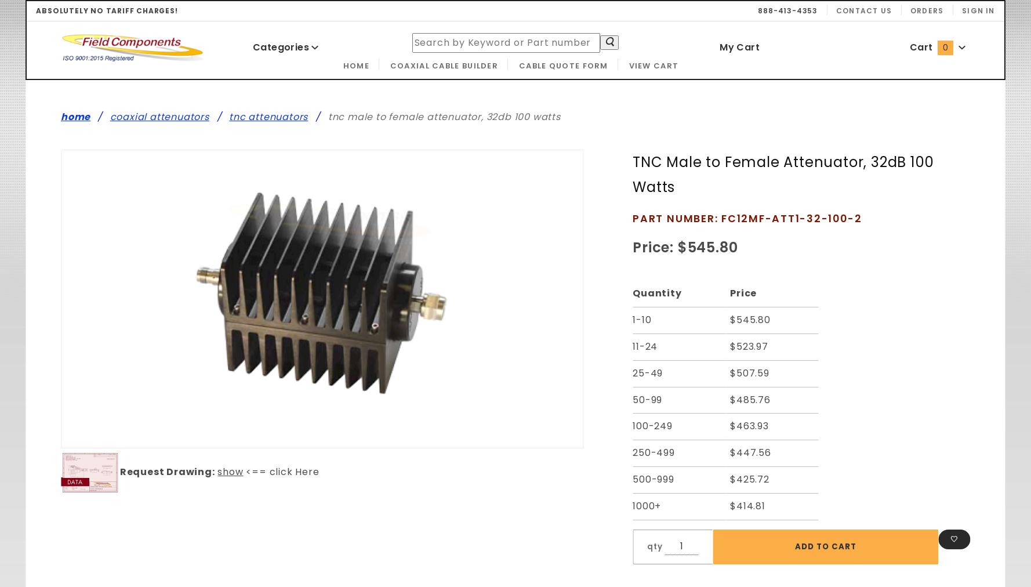 The image size is (1031, 587). What do you see at coordinates (342, 64) in the screenshot?
I see `'HOME'` at bounding box center [342, 64].